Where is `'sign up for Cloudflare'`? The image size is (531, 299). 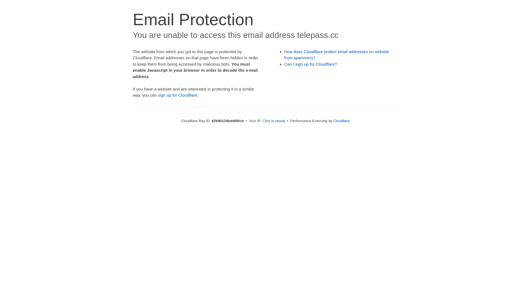 'sign up for Cloudflare' is located at coordinates (178, 95).